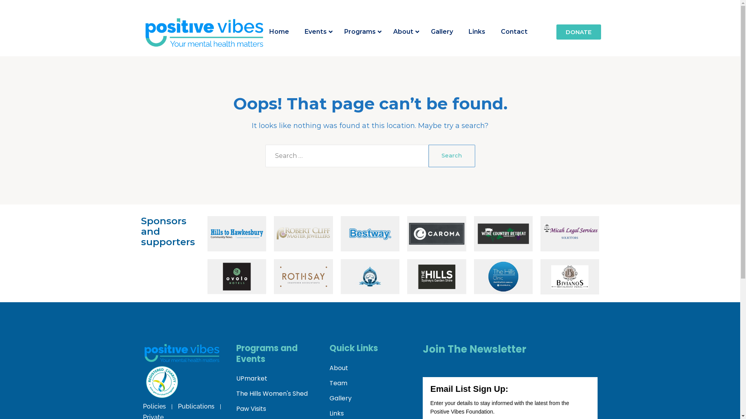 This screenshot has width=746, height=419. What do you see at coordinates (279, 31) in the screenshot?
I see `'Home'` at bounding box center [279, 31].